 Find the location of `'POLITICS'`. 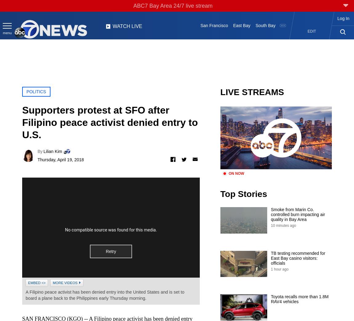

'POLITICS' is located at coordinates (26, 91).